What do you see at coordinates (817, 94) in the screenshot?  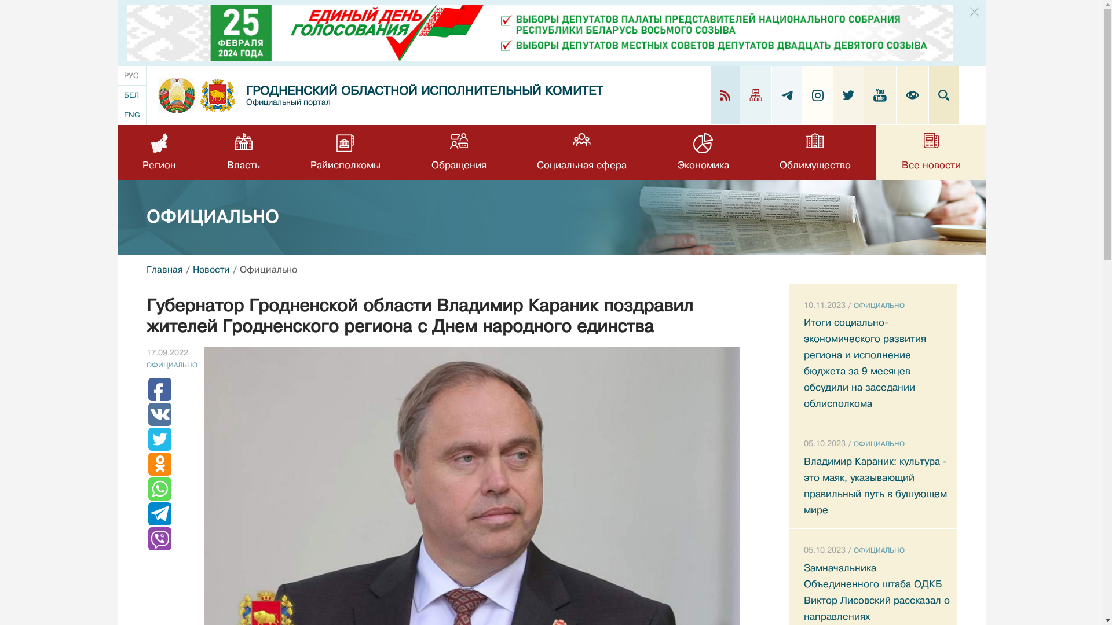 I see `'instagram'` at bounding box center [817, 94].